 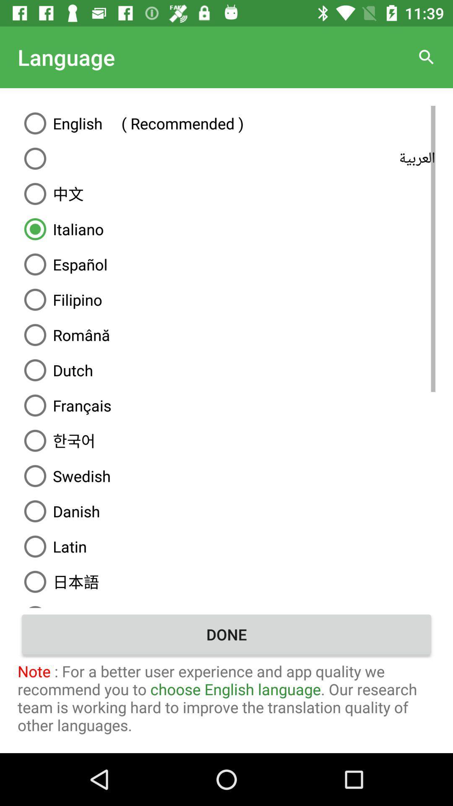 What do you see at coordinates (226, 511) in the screenshot?
I see `icon below the swedish` at bounding box center [226, 511].